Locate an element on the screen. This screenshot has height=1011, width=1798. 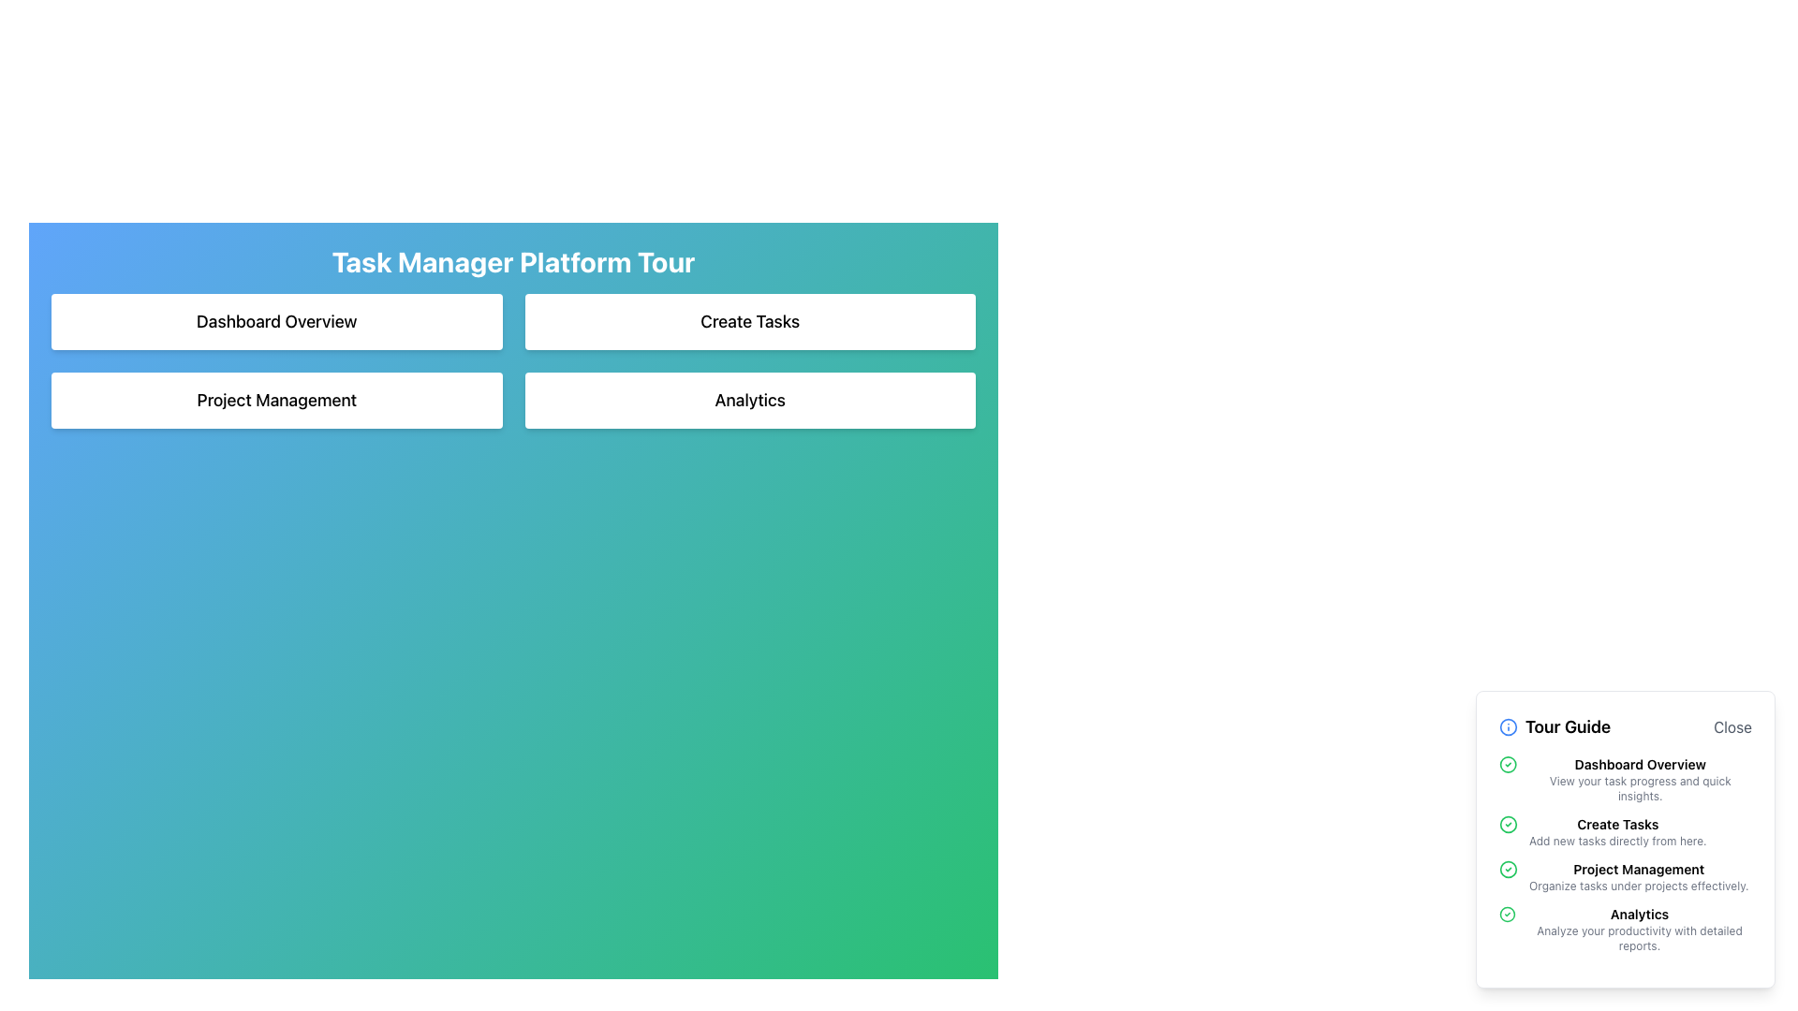
the informational item with the bold heading 'Dashboard Overview' and the green checkmark icon, located in the 'Tour Guide' sidebar is located at coordinates (1625, 780).